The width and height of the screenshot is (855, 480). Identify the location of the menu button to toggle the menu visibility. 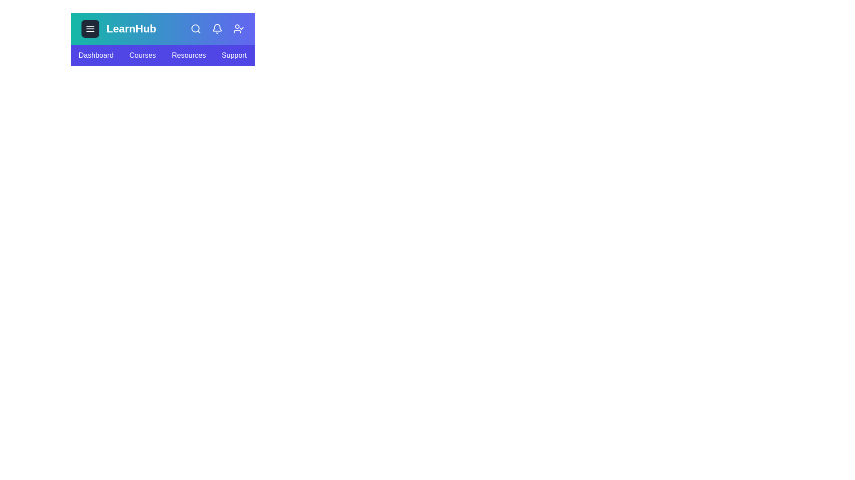
(90, 28).